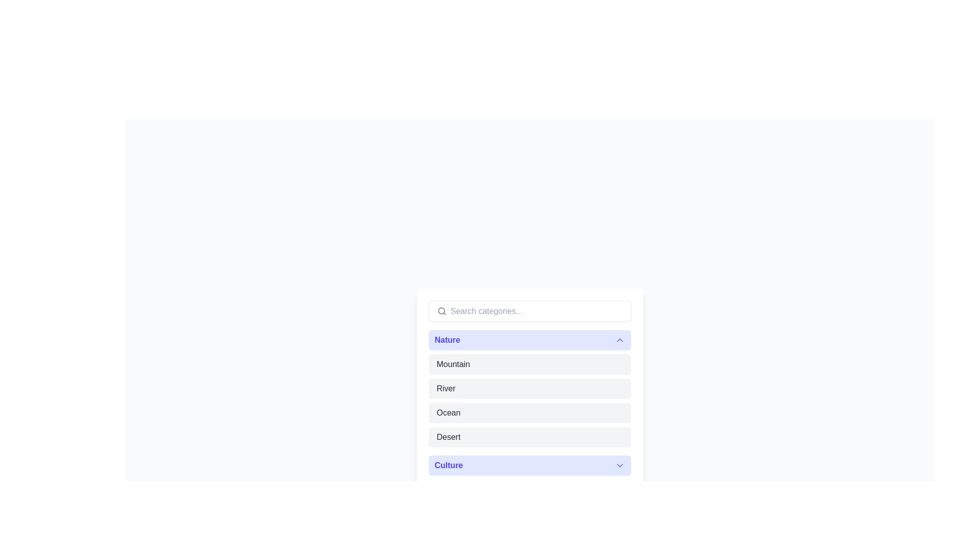 This screenshot has width=971, height=546. I want to click on the 'Desert' text label in the 'Nature' category, so click(448, 436).